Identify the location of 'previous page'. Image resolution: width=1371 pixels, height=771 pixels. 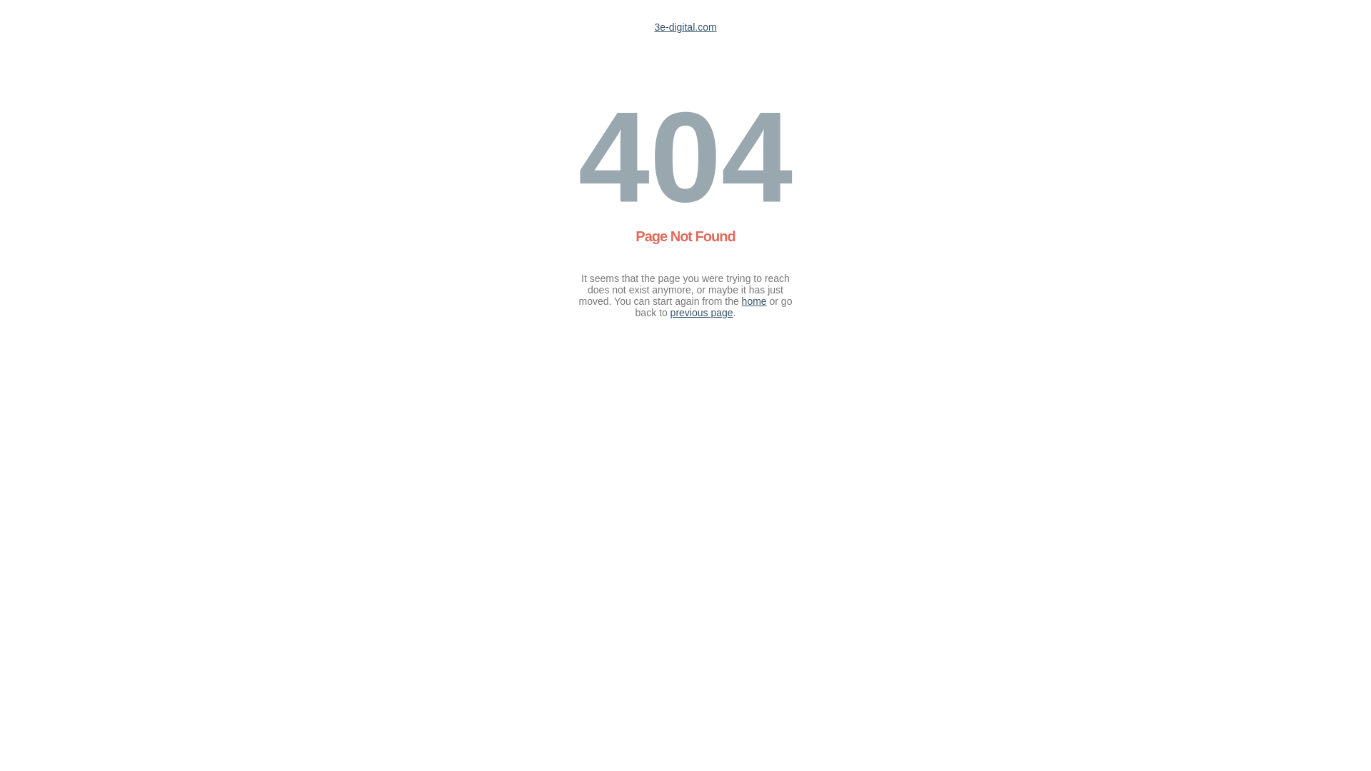
(702, 312).